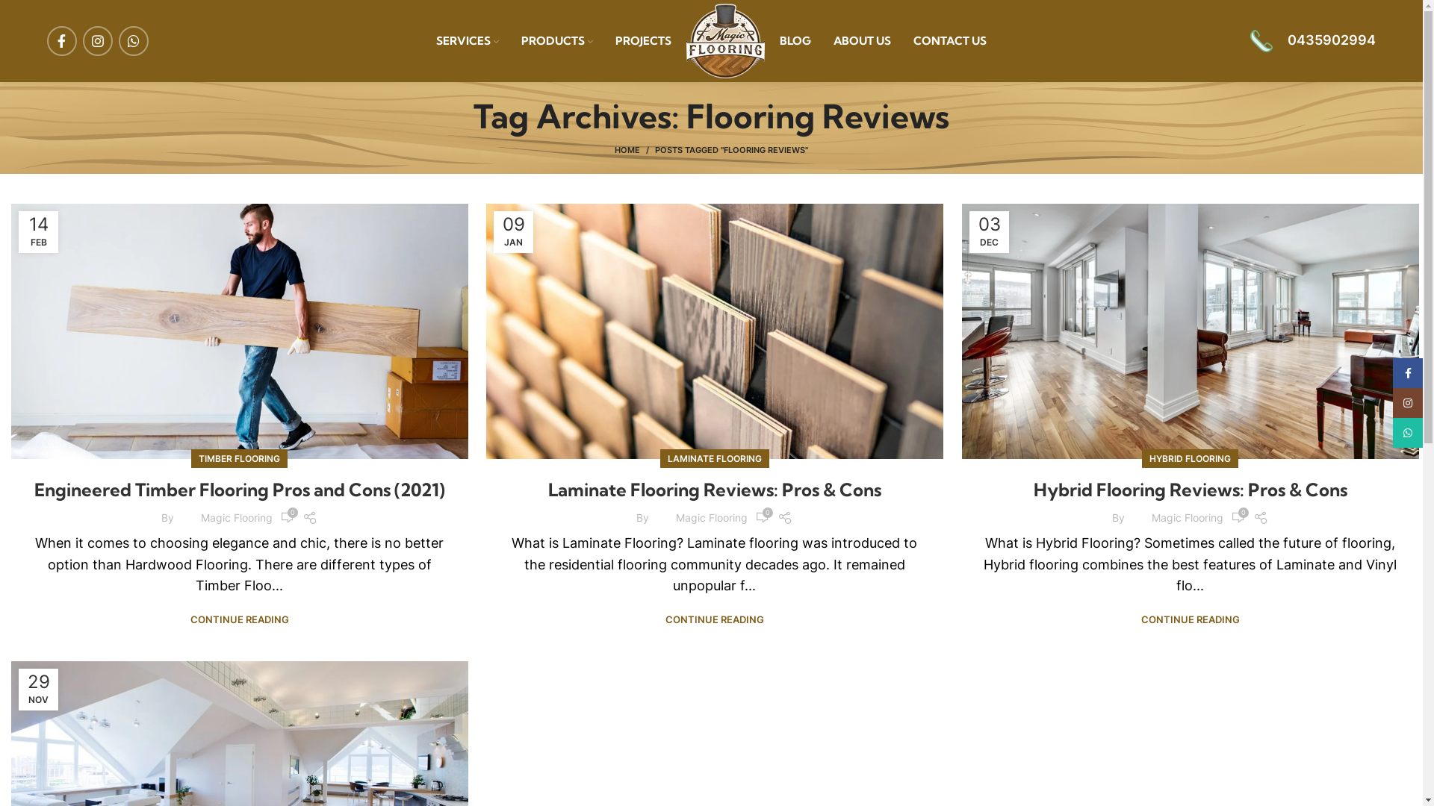  Describe the element at coordinates (634, 149) in the screenshot. I see `'HOME'` at that location.